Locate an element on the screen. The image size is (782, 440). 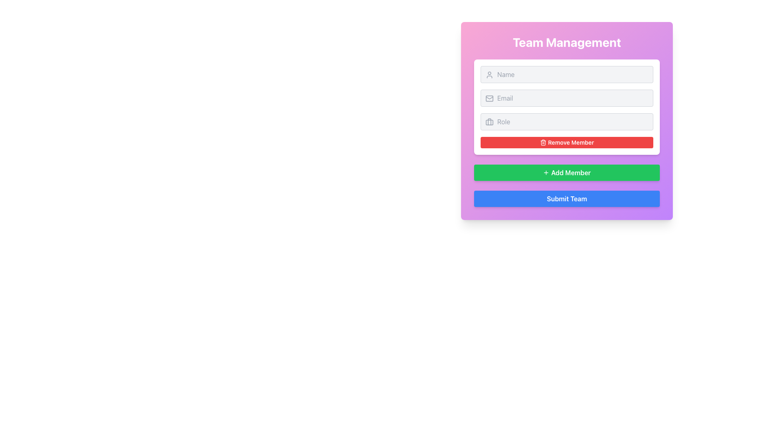
the button located below the input fields labeled 'Name', 'Email', and 'Role' in the 'Team Management' card to initiate the removal action is located at coordinates (567, 142).